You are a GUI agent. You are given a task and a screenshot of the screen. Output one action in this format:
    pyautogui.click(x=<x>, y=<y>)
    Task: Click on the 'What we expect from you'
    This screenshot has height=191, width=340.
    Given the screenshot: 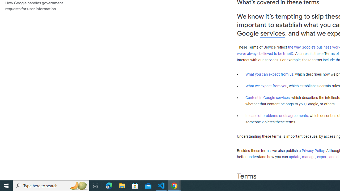 What is the action you would take?
    pyautogui.click(x=266, y=86)
    